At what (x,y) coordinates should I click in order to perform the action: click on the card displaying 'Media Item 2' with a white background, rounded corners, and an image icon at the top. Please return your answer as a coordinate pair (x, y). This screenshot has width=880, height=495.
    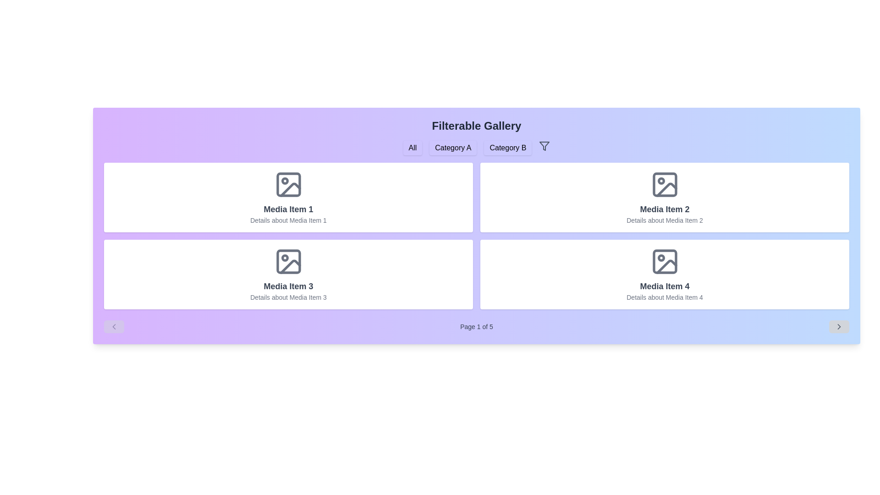
    Looking at the image, I should click on (665, 197).